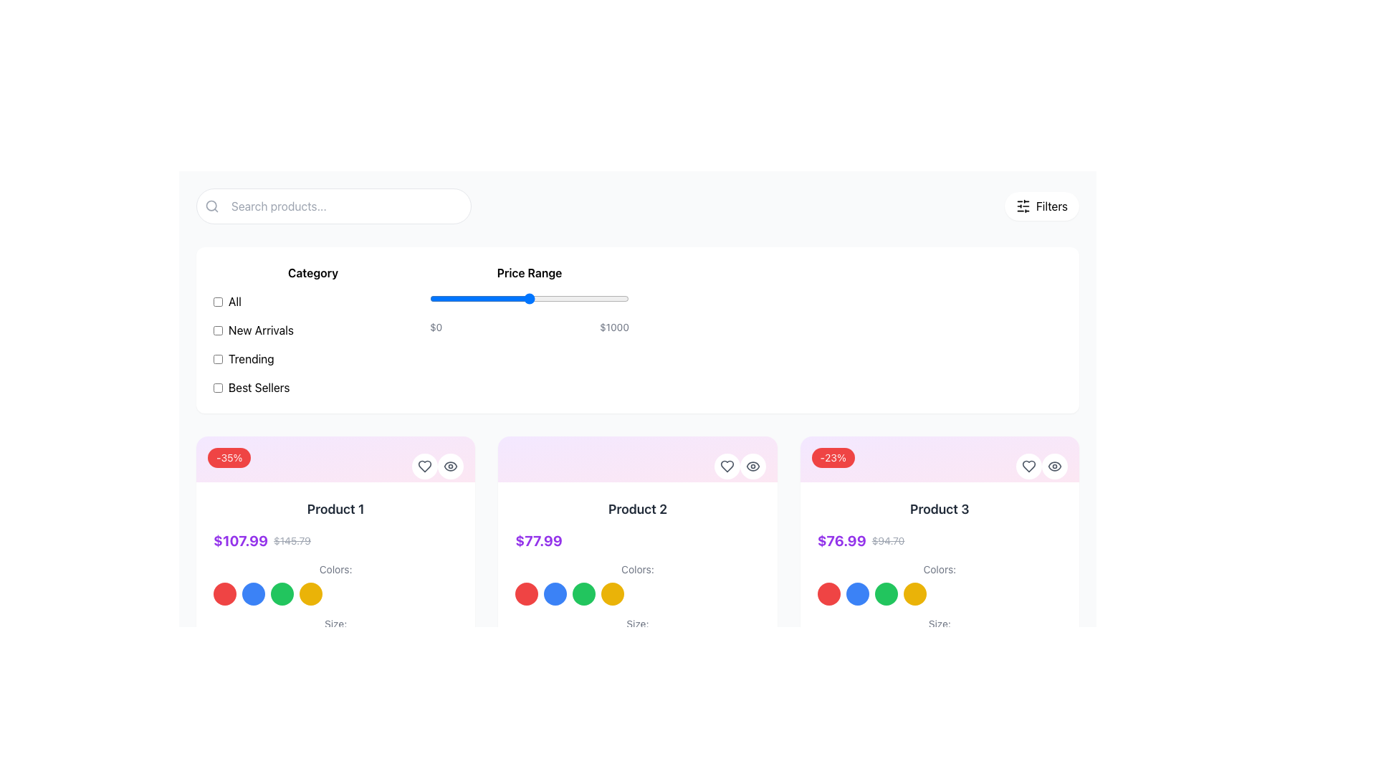 The image size is (1376, 774). Describe the element at coordinates (940, 623) in the screenshot. I see `the static text label displaying 'Size:' located below the color options of 'Product 3'` at that location.